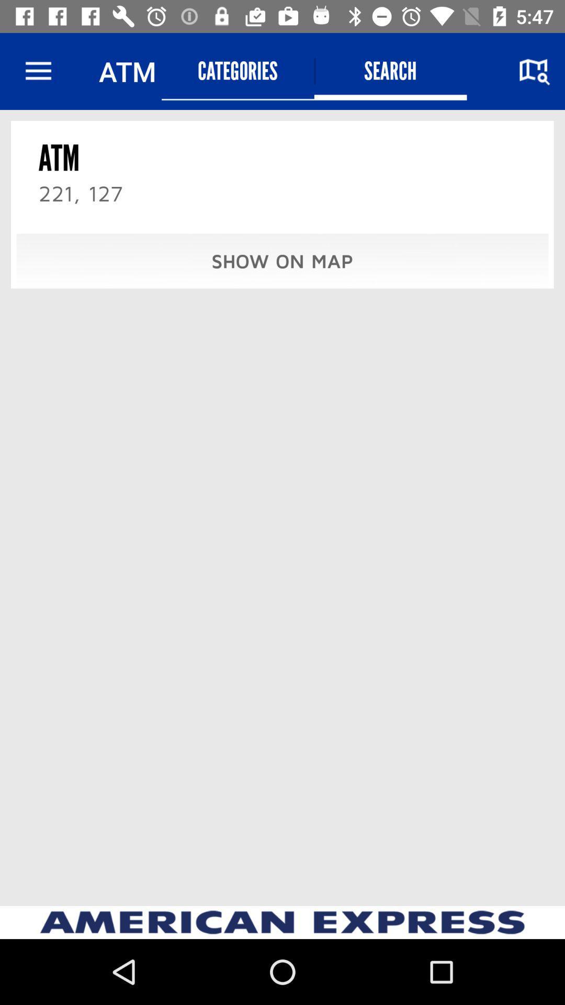  Describe the element at coordinates (38, 71) in the screenshot. I see `icon next to the atm item` at that location.